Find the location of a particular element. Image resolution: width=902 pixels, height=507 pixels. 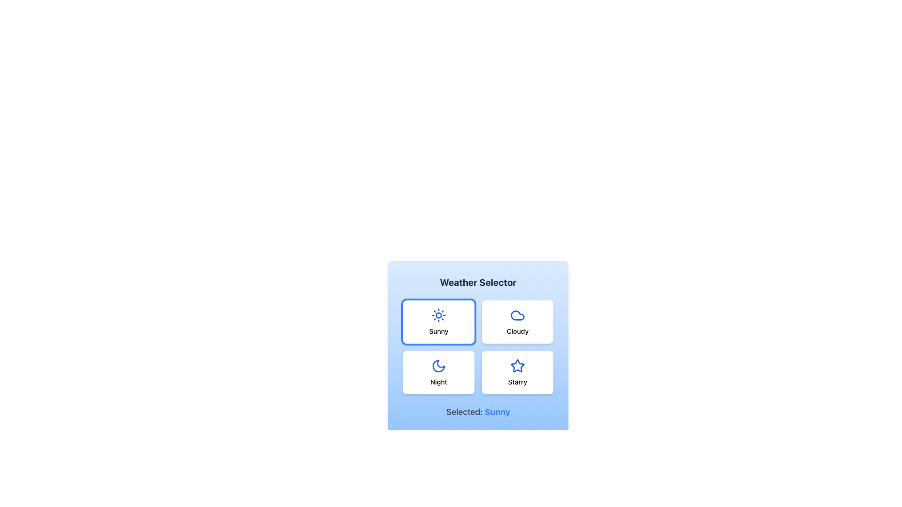

the 'Cloudy' weather icon in the weather selection interface is located at coordinates (517, 315).